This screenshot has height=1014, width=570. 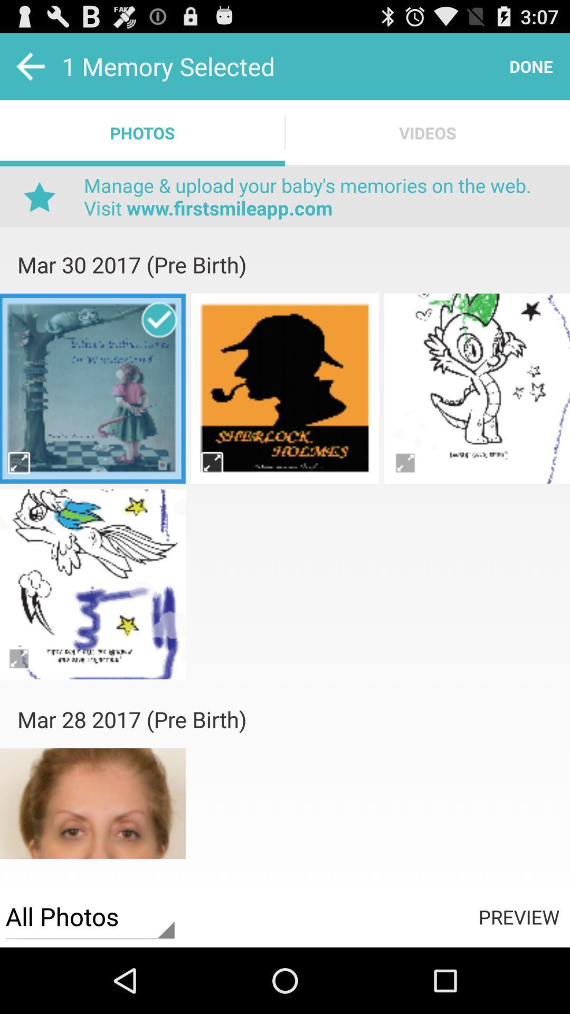 I want to click on gallery photos, so click(x=477, y=388).